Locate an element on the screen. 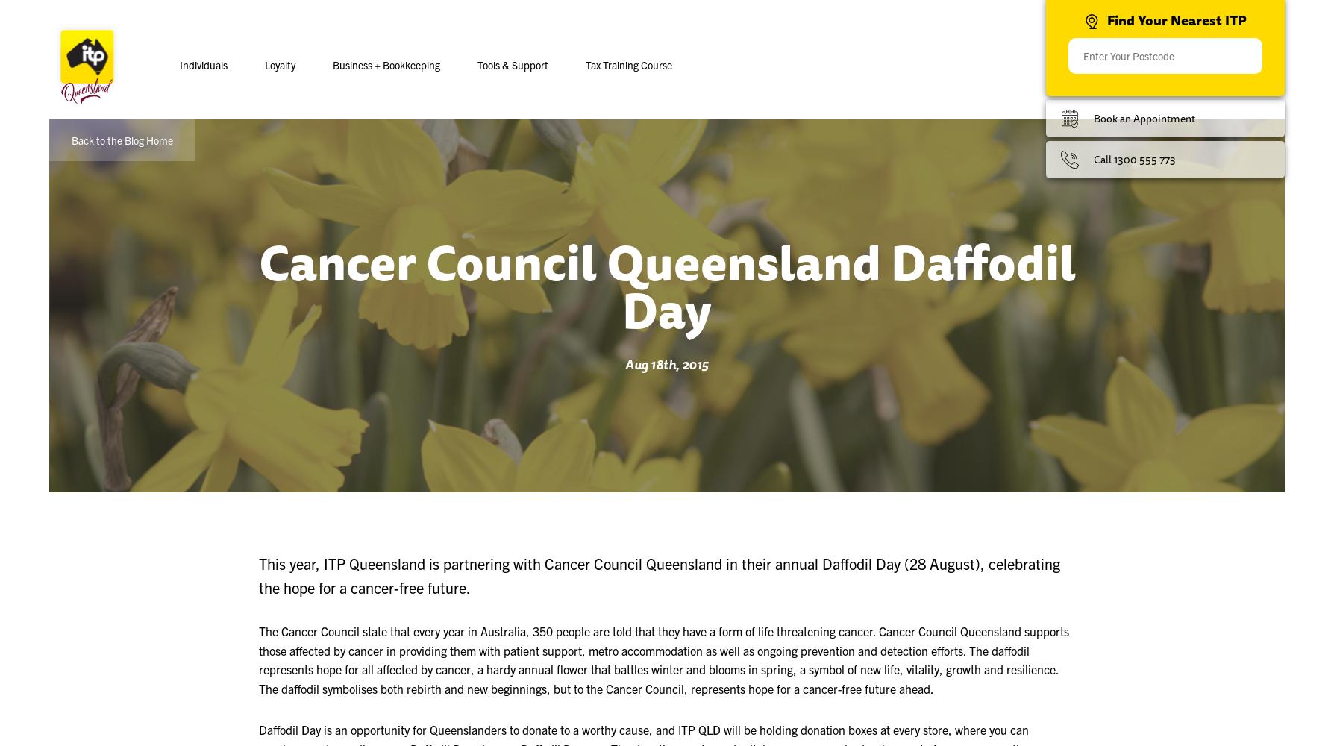  'Enrol Online' is located at coordinates (457, 154).